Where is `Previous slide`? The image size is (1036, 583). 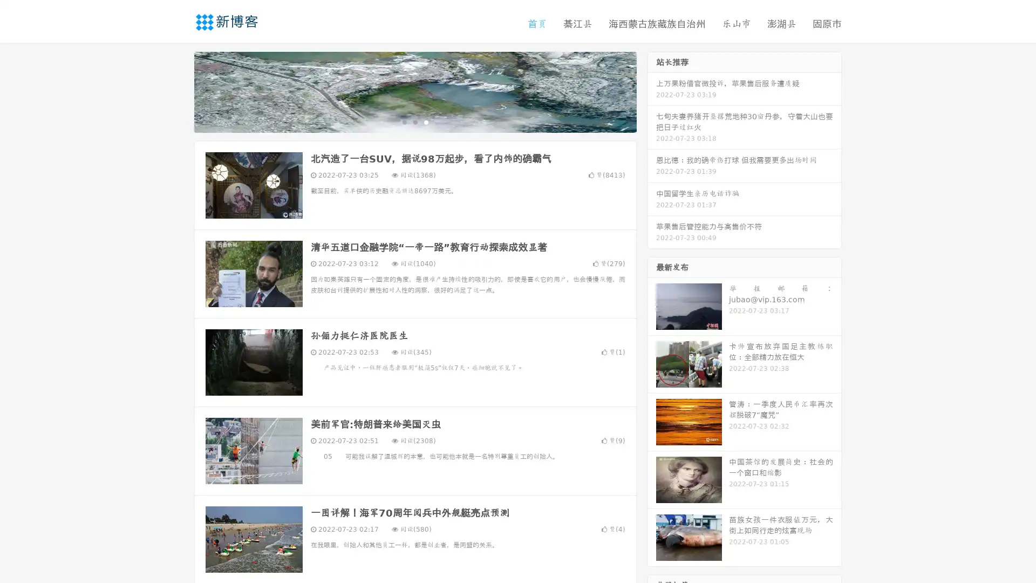 Previous slide is located at coordinates (178, 91).